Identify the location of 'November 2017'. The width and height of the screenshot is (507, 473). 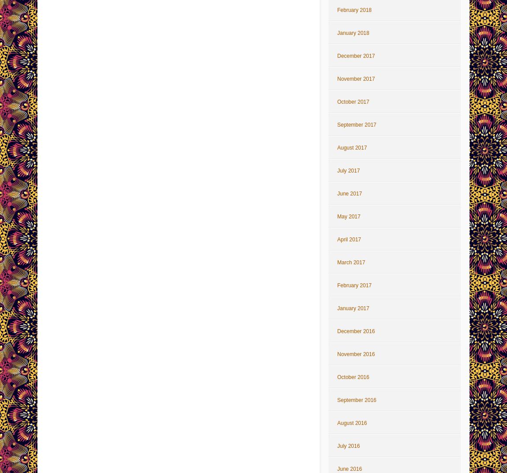
(336, 79).